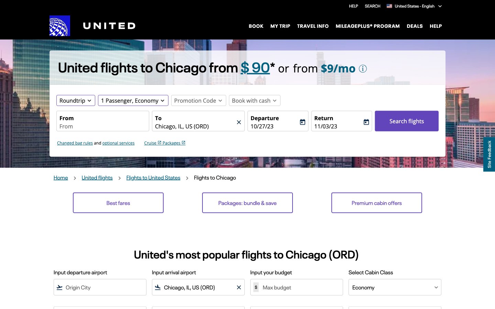  What do you see at coordinates (118, 203) in the screenshot?
I see `Redirect to Best Fares` at bounding box center [118, 203].